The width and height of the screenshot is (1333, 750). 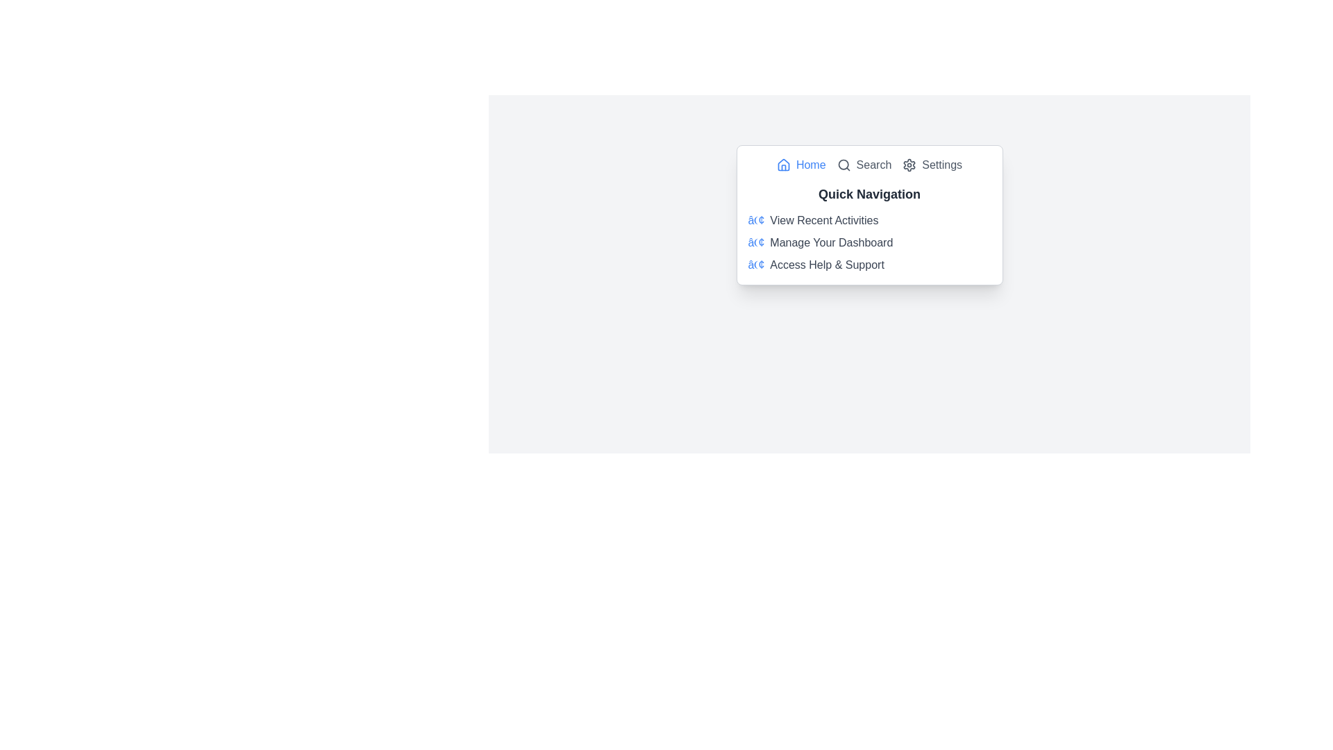 I want to click on the 'Home' navigation icon located at the top-left corner of the content card, so click(x=783, y=165).